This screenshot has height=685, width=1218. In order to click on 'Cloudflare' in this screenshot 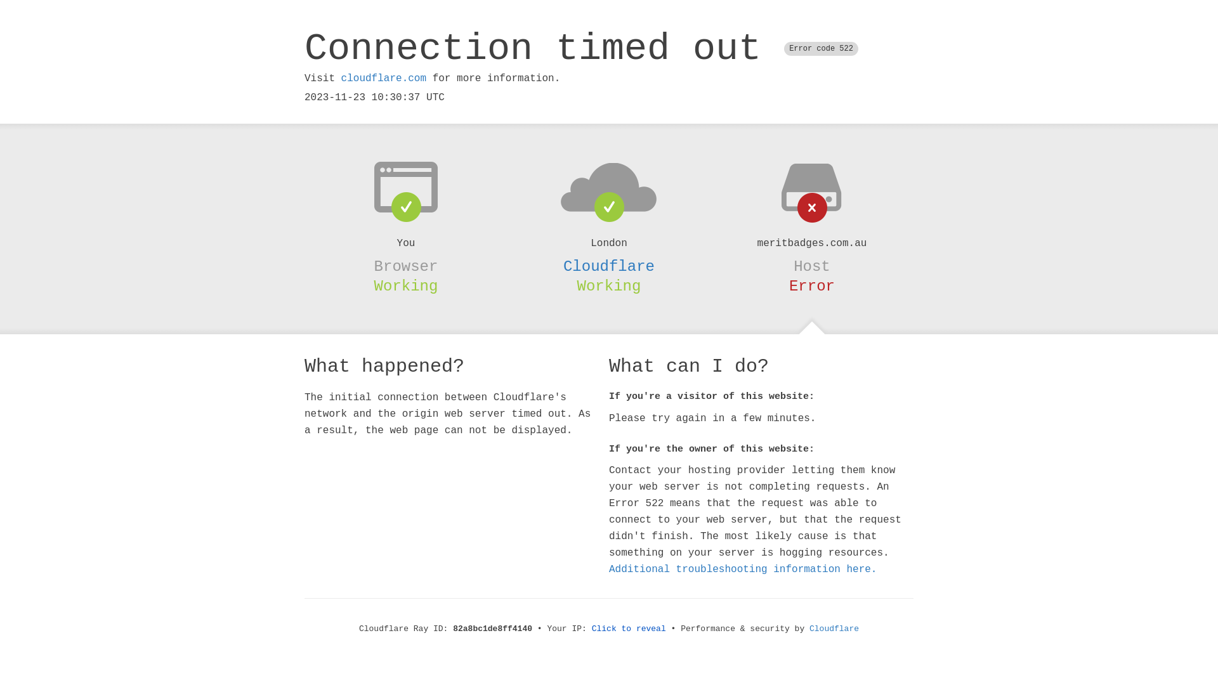, I will do `click(609, 266)`.